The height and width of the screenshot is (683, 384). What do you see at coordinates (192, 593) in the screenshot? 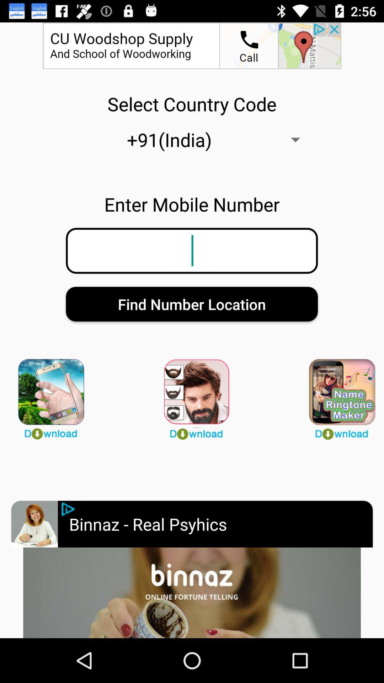
I see `advertainment` at bounding box center [192, 593].